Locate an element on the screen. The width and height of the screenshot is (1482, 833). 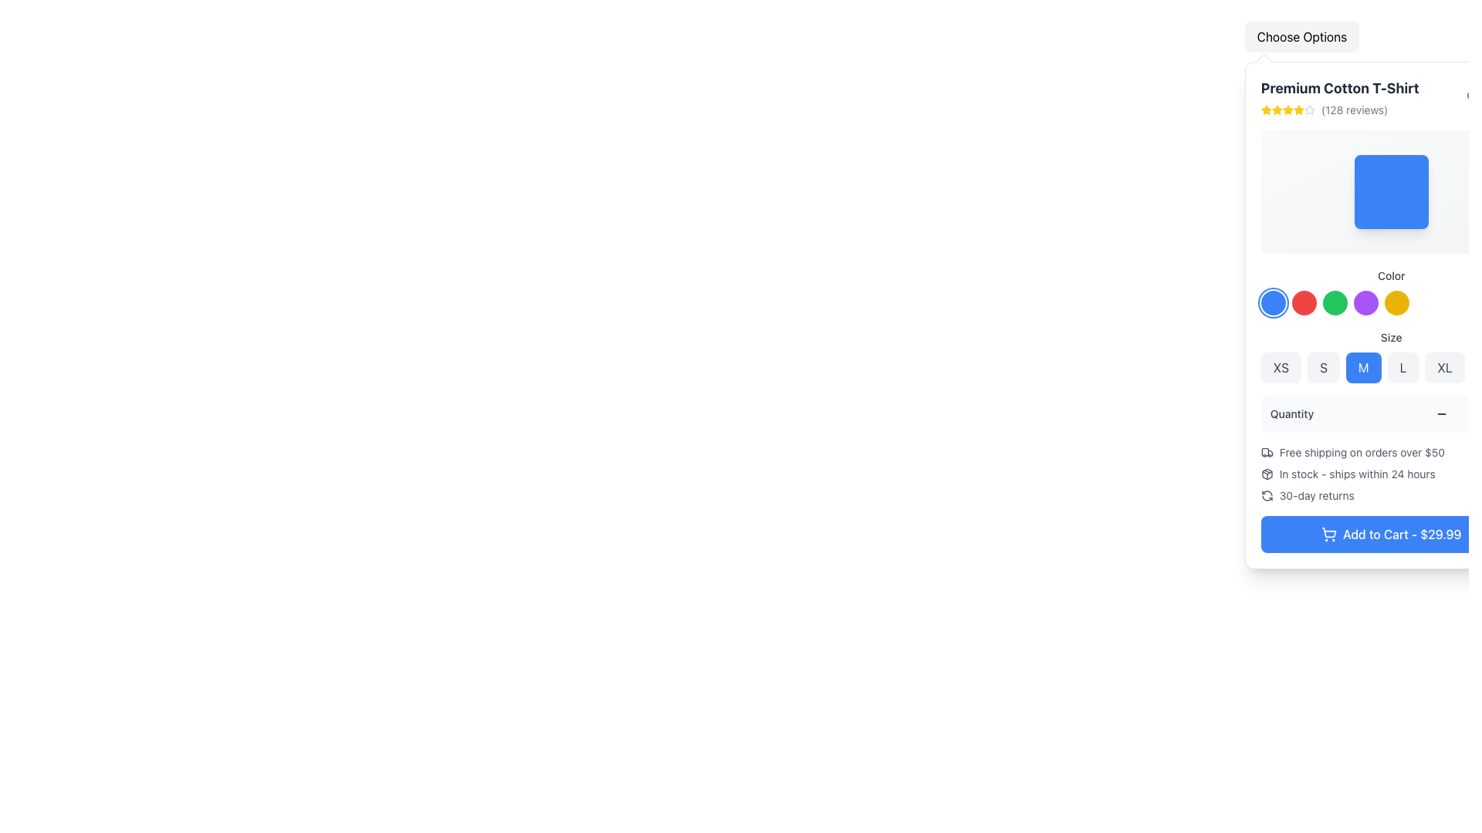
the fifth star in the graphical rating system for the product 'Premium Cotton T-Shirt' is located at coordinates (1298, 109).